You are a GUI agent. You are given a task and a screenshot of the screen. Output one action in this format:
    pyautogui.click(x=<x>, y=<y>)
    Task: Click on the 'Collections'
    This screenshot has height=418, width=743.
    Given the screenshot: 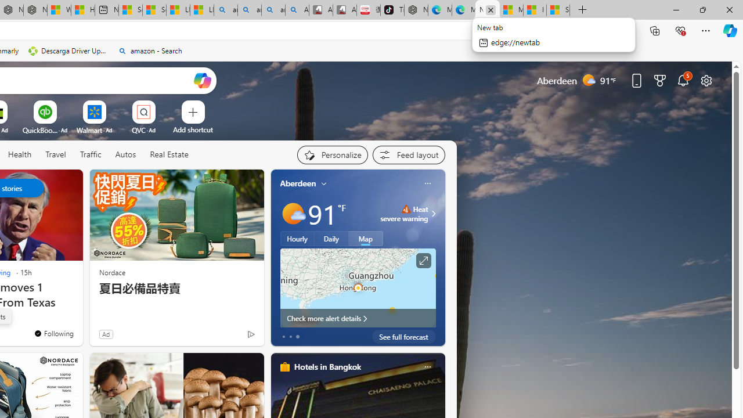 What is the action you would take?
    pyautogui.click(x=655, y=30)
    